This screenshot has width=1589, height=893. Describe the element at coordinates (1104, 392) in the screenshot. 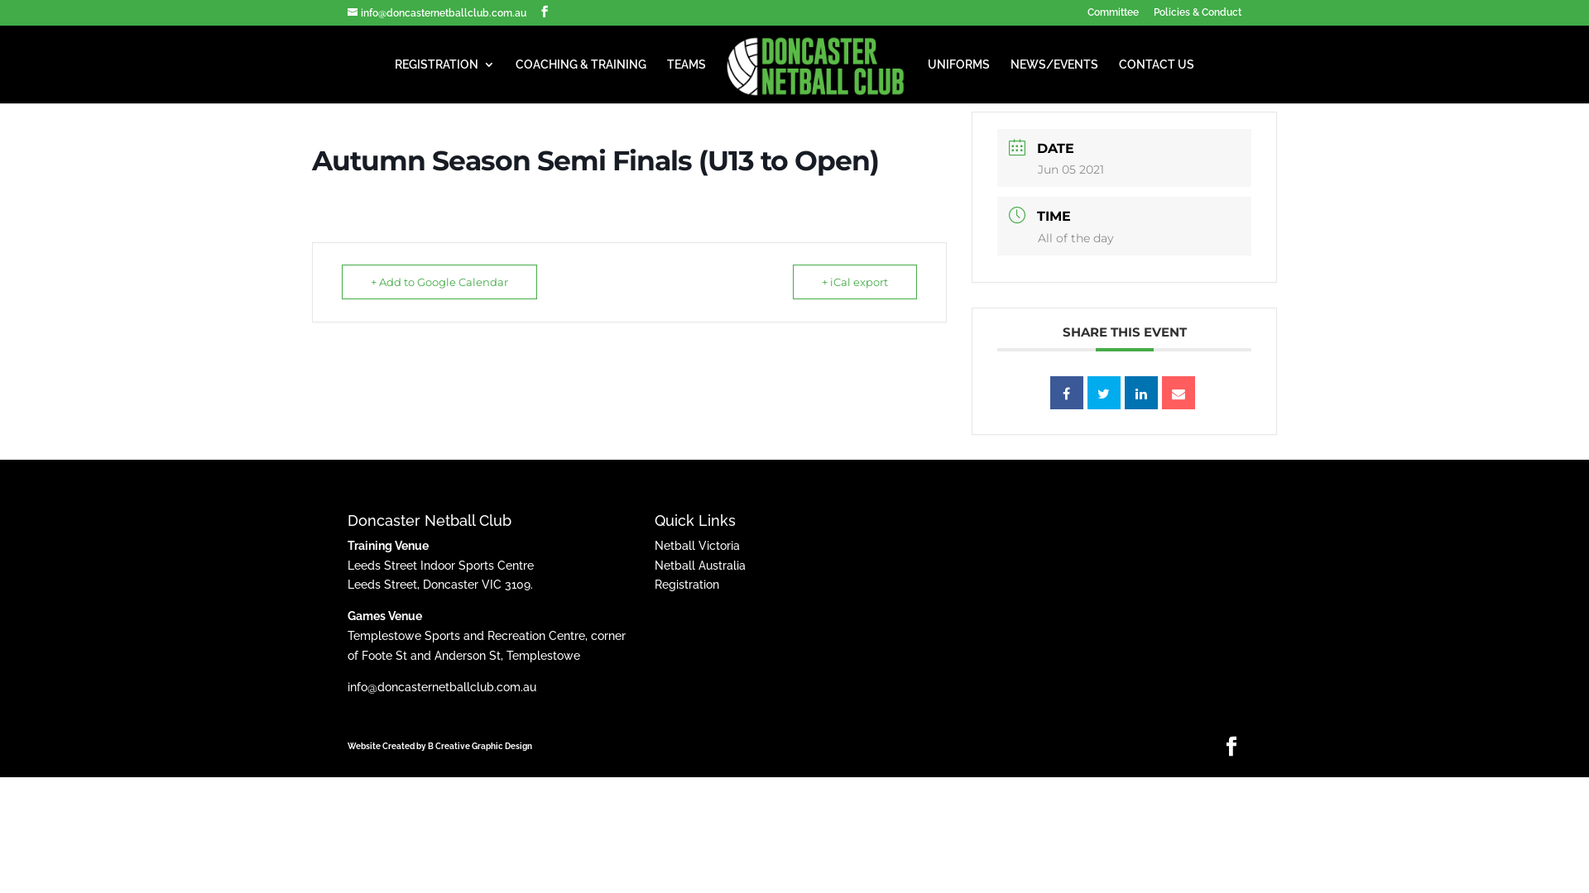

I see `'Tweet'` at that location.